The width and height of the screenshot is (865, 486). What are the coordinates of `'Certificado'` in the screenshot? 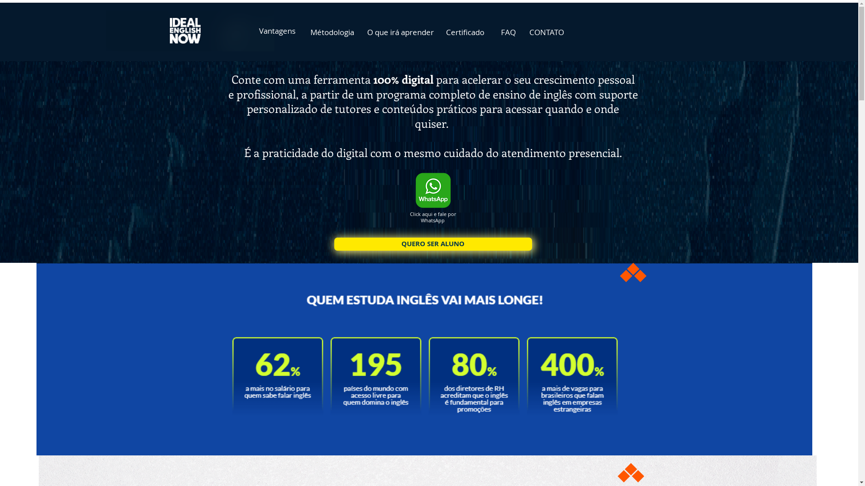 It's located at (441, 31).